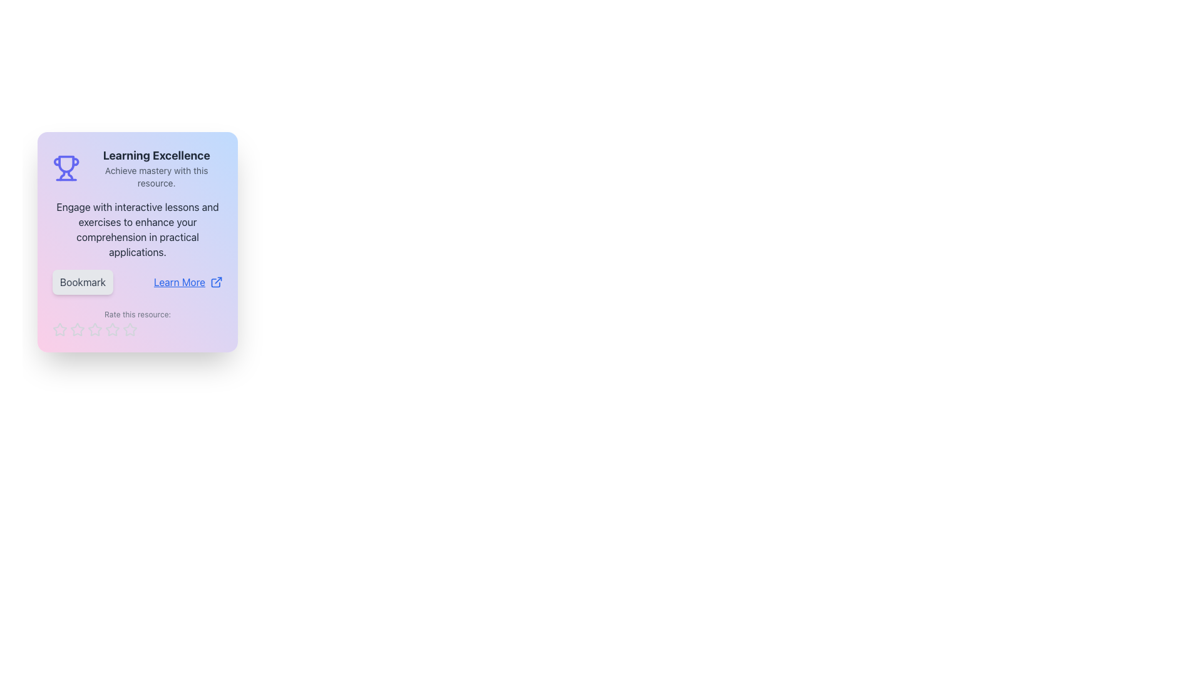  Describe the element at coordinates (66, 163) in the screenshot. I see `the trophy icon located in the top-left section of the 'Learning Excellence' card, which signifies achievement or excellence` at that location.